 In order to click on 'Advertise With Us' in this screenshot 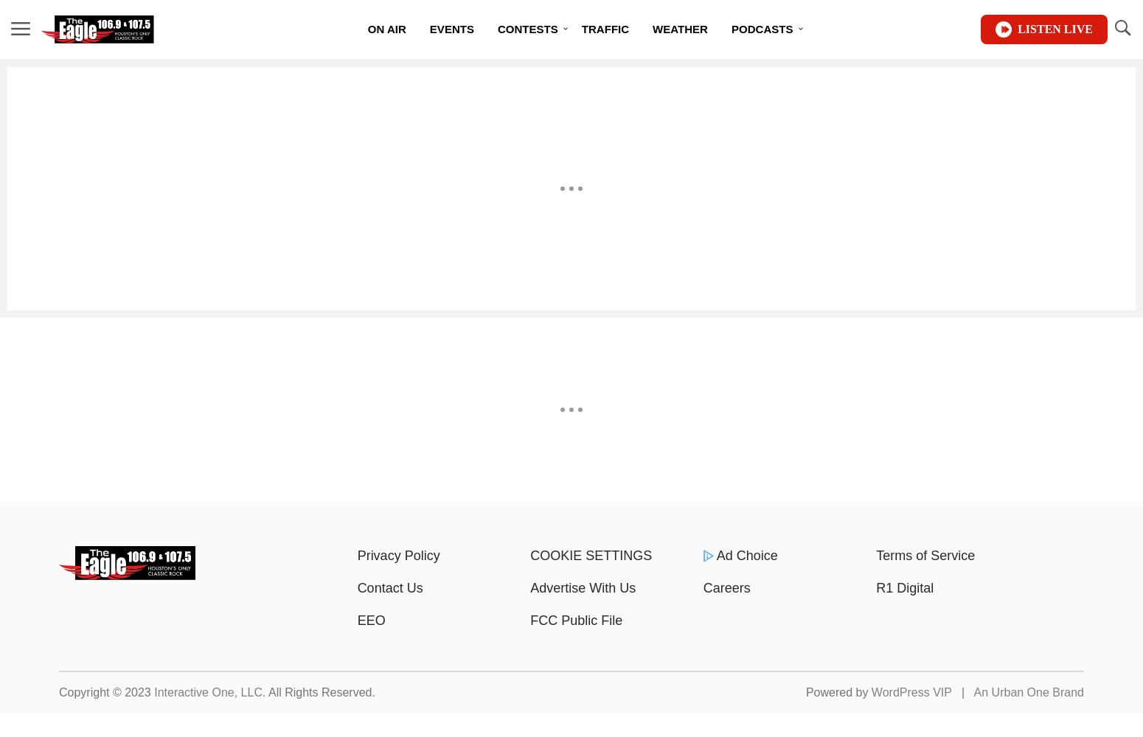, I will do `click(582, 588)`.